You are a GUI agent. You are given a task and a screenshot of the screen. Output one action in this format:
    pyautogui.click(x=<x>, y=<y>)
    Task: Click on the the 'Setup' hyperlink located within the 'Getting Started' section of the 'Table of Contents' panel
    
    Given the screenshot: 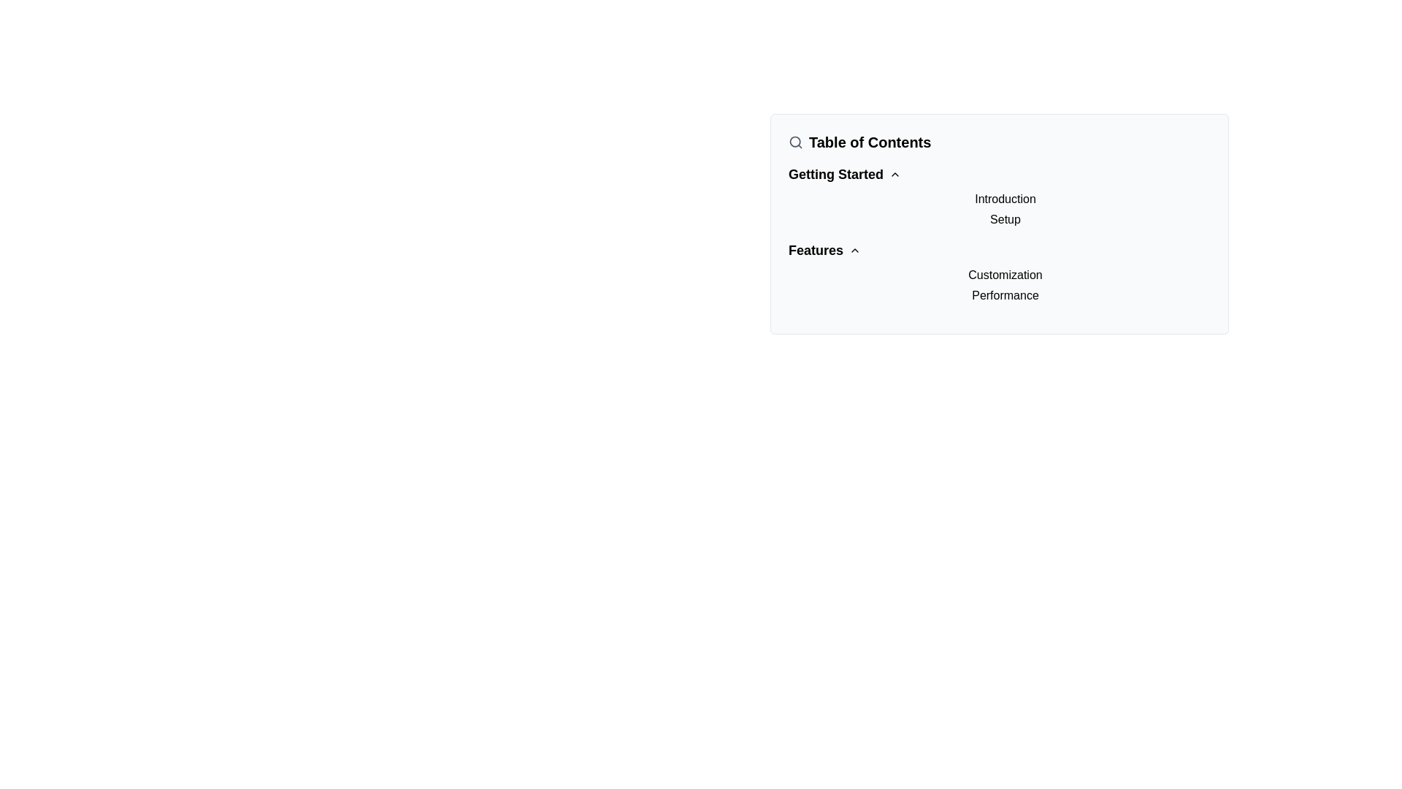 What is the action you would take?
    pyautogui.click(x=1005, y=219)
    